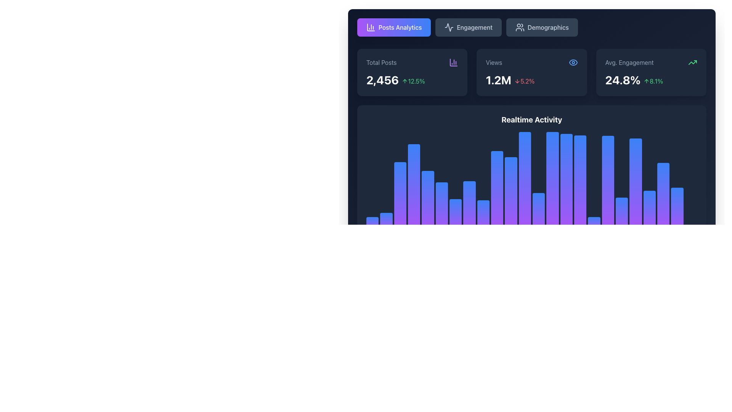 The height and width of the screenshot is (412, 732). I want to click on displayed information from the Statistical Display Component that shows a bold white percentage value and a smaller green percentage value with an upward arrow icon, located in the rightmost card of the top row of the dashboard, so click(651, 80).